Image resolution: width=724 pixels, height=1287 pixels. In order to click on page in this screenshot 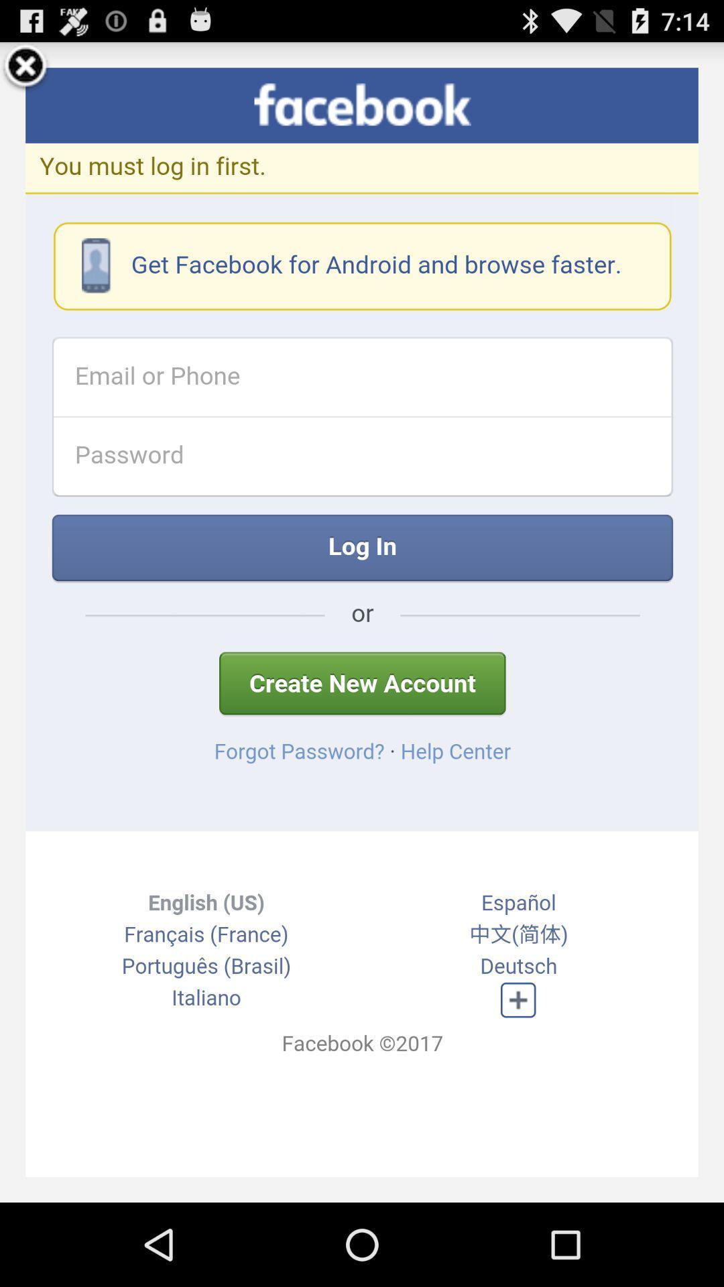, I will do `click(25, 67)`.